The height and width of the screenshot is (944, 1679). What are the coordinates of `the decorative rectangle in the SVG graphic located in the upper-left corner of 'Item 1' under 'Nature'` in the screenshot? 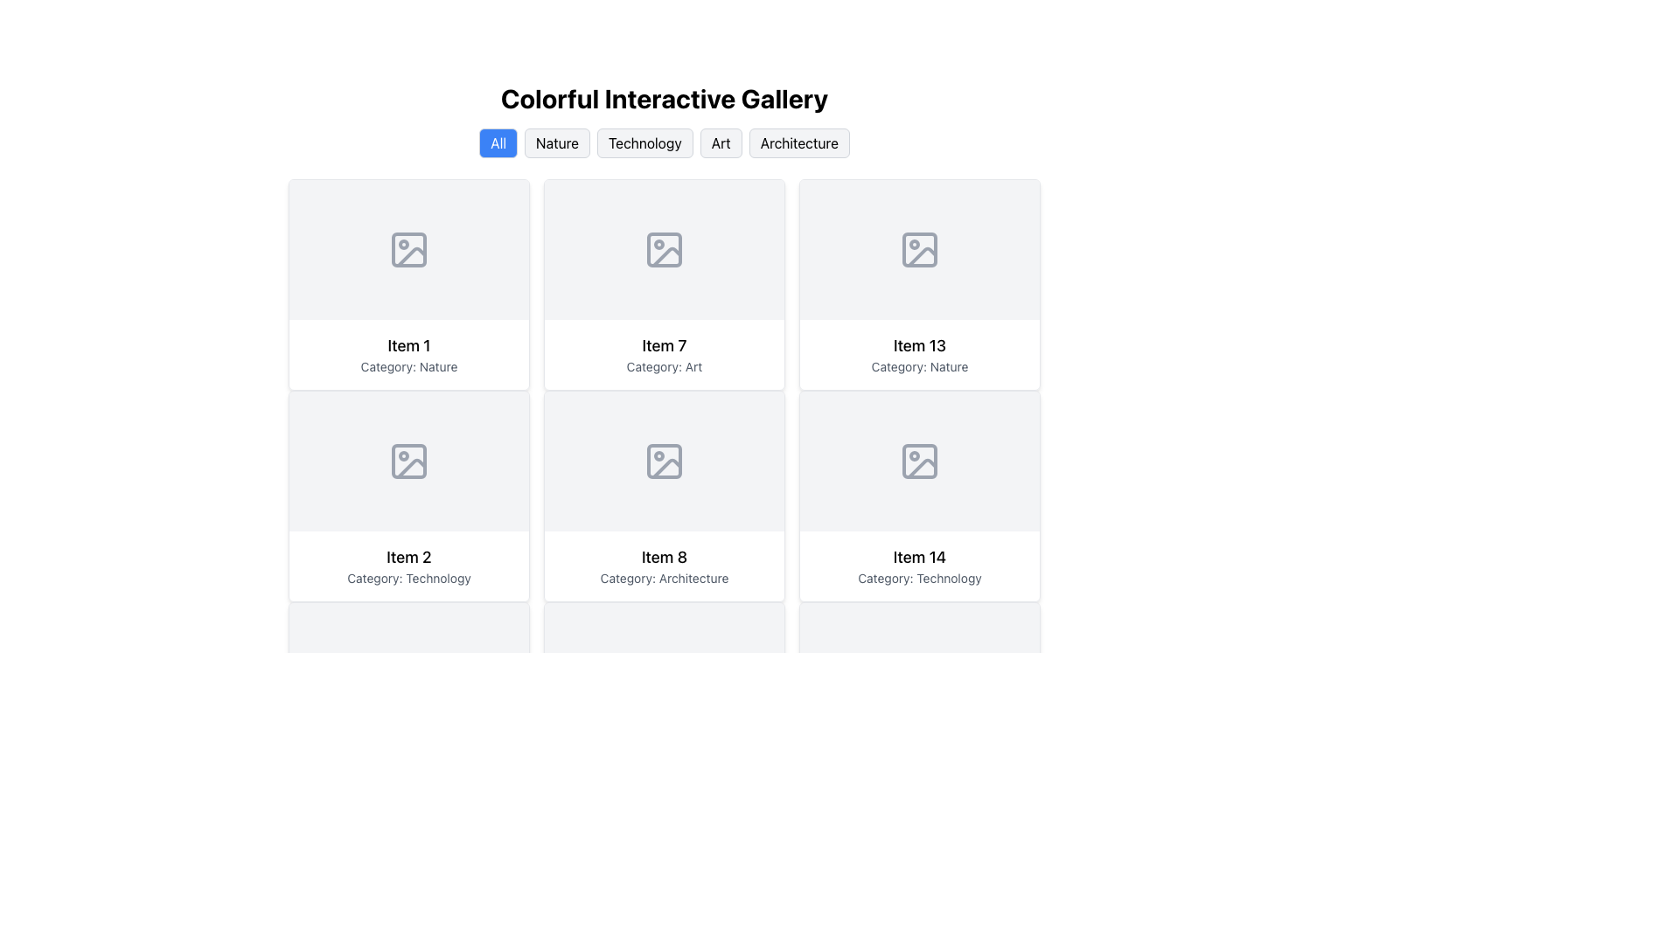 It's located at (408, 249).